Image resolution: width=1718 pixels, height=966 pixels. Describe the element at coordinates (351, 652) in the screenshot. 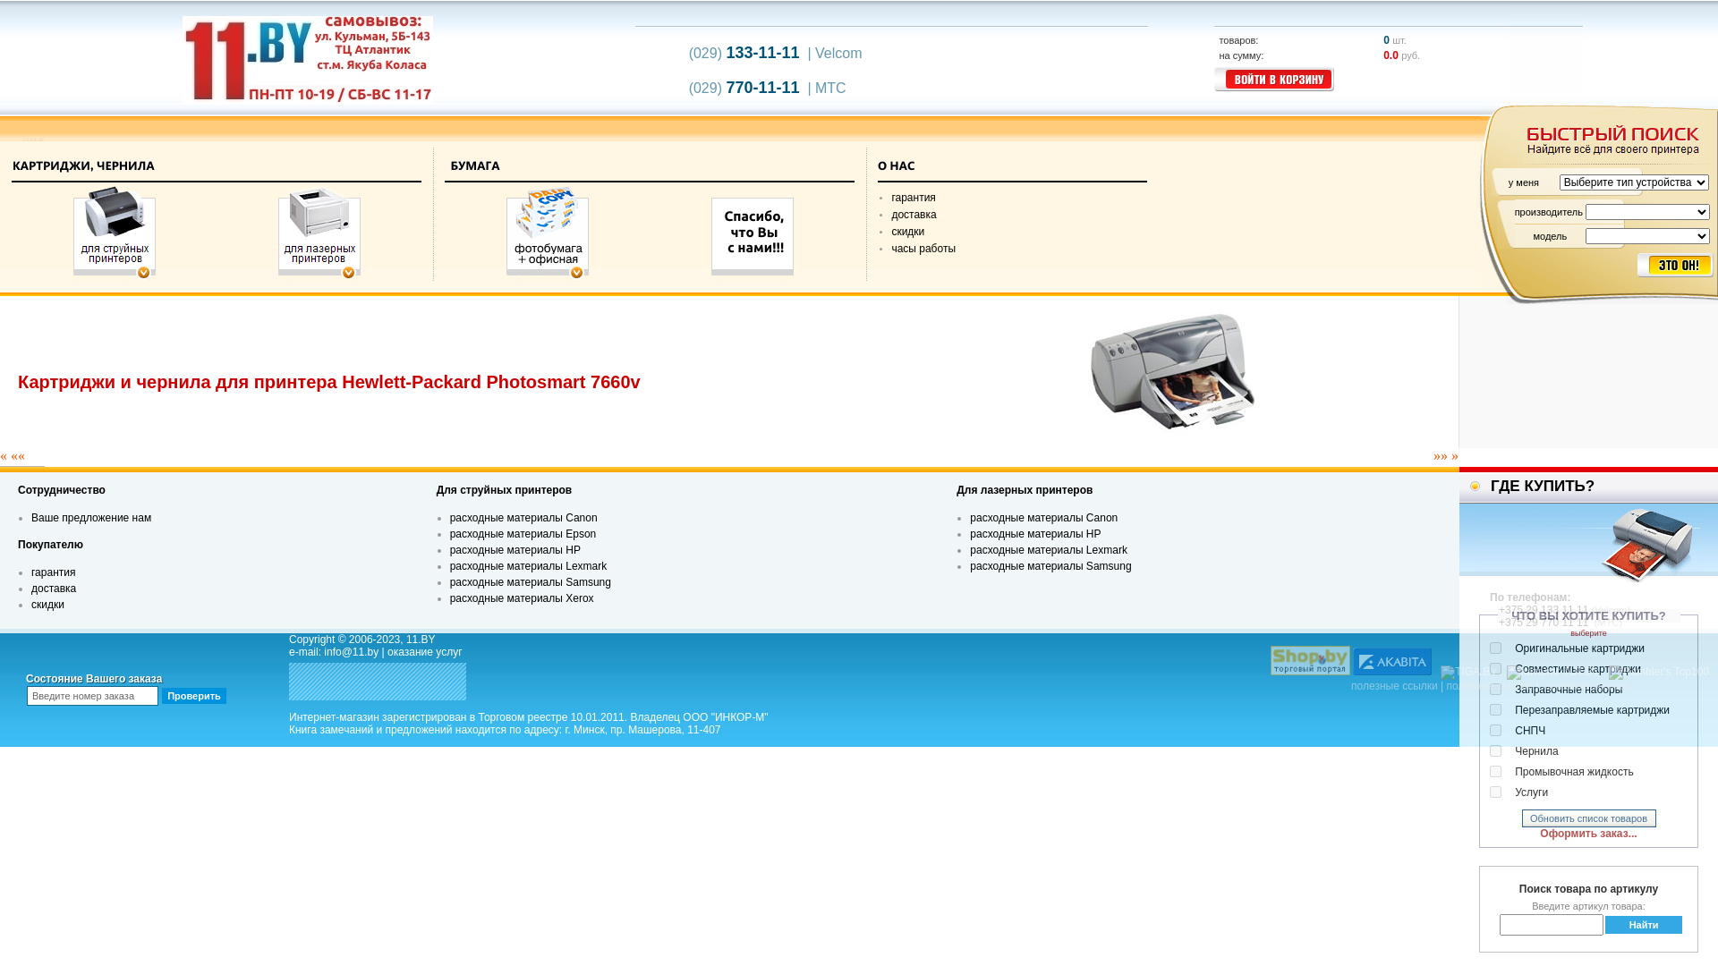

I see `'info@11.by'` at that location.